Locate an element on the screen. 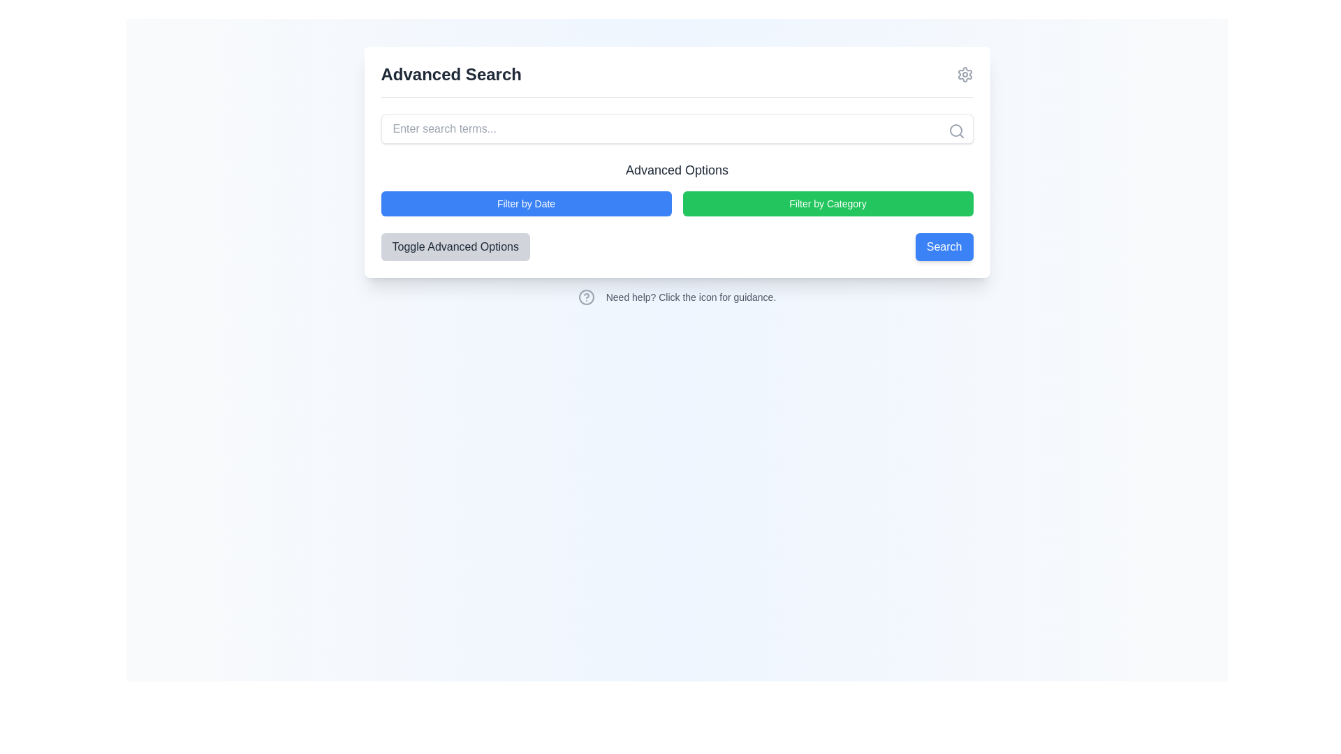  the filter button located to the right of the 'Filter by Date' button under the 'Advanced Options' label for keyboard navigation is located at coordinates (828, 204).